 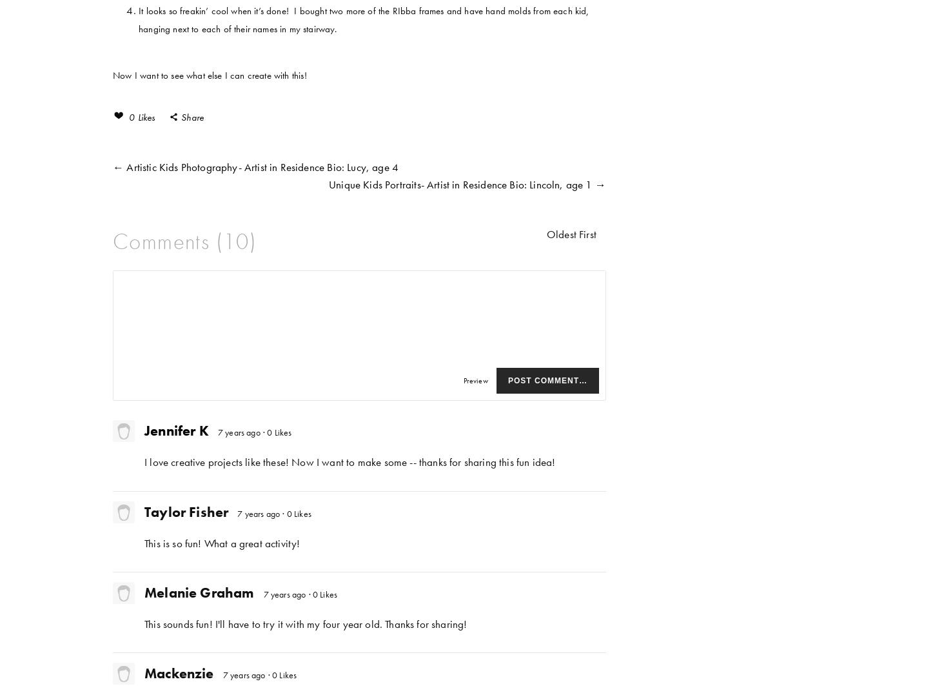 I want to click on '0 Likes', so click(x=128, y=117).